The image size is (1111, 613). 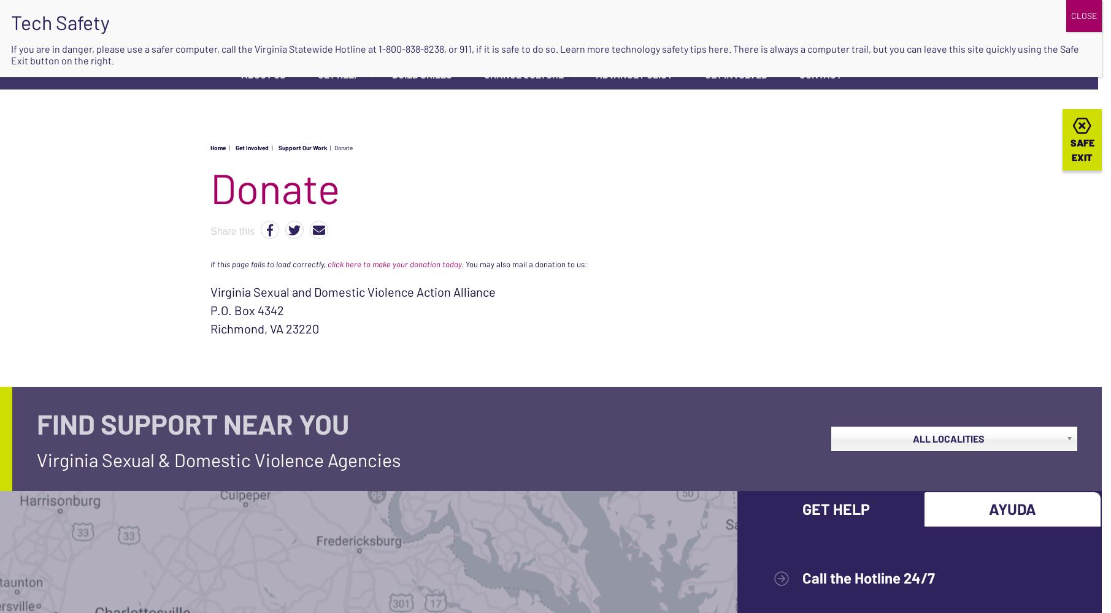 I want to click on 'If this page fails to load correctly,', so click(x=269, y=264).